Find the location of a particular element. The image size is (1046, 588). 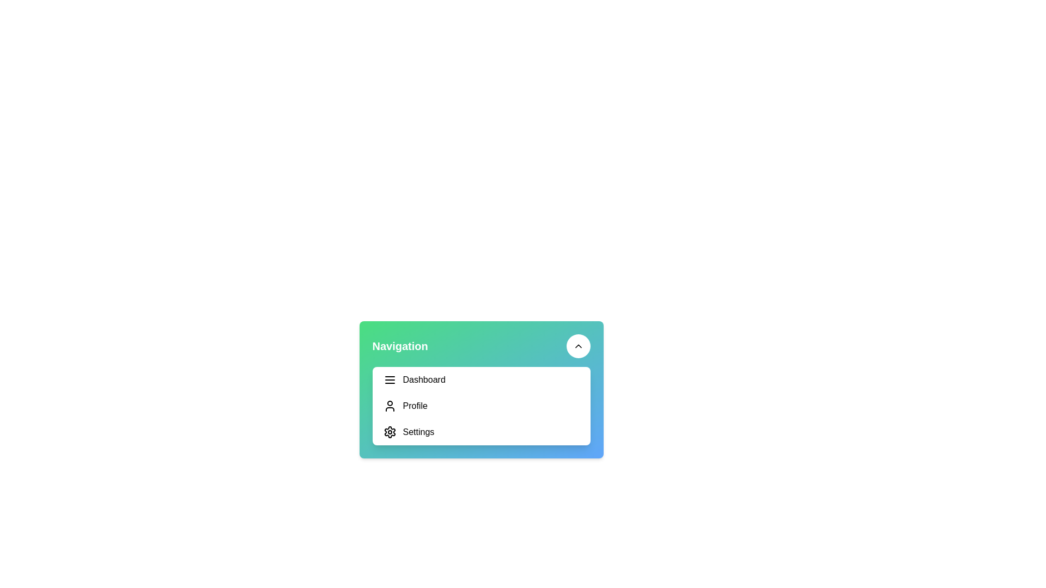

the 'Settings' button in the vertical navigation menu is located at coordinates (481, 432).